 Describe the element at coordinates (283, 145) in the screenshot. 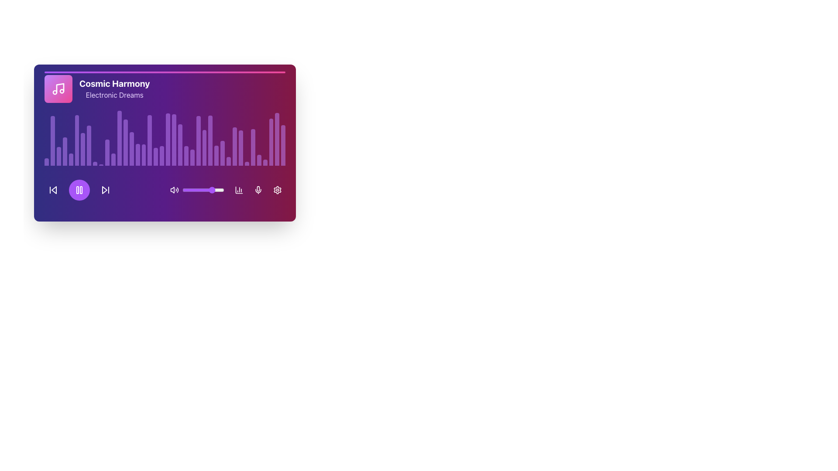

I see `the 36th data visualization bar on the audio visualization graph` at that location.